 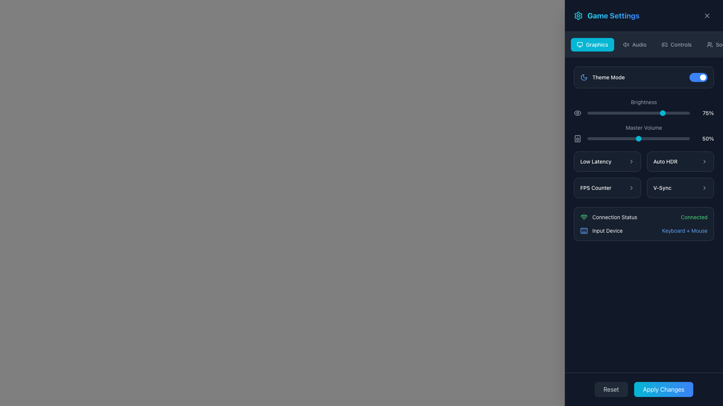 What do you see at coordinates (602, 77) in the screenshot?
I see `the 'Theme Mode' label with the moon icon in the 'Game Settings' panel under the 'Graphics' tab` at bounding box center [602, 77].